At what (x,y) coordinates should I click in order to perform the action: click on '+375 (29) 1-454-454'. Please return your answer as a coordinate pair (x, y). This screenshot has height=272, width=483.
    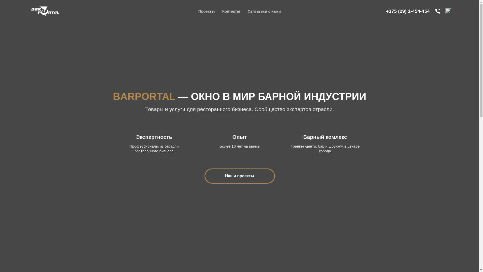
    Looking at the image, I should click on (408, 11).